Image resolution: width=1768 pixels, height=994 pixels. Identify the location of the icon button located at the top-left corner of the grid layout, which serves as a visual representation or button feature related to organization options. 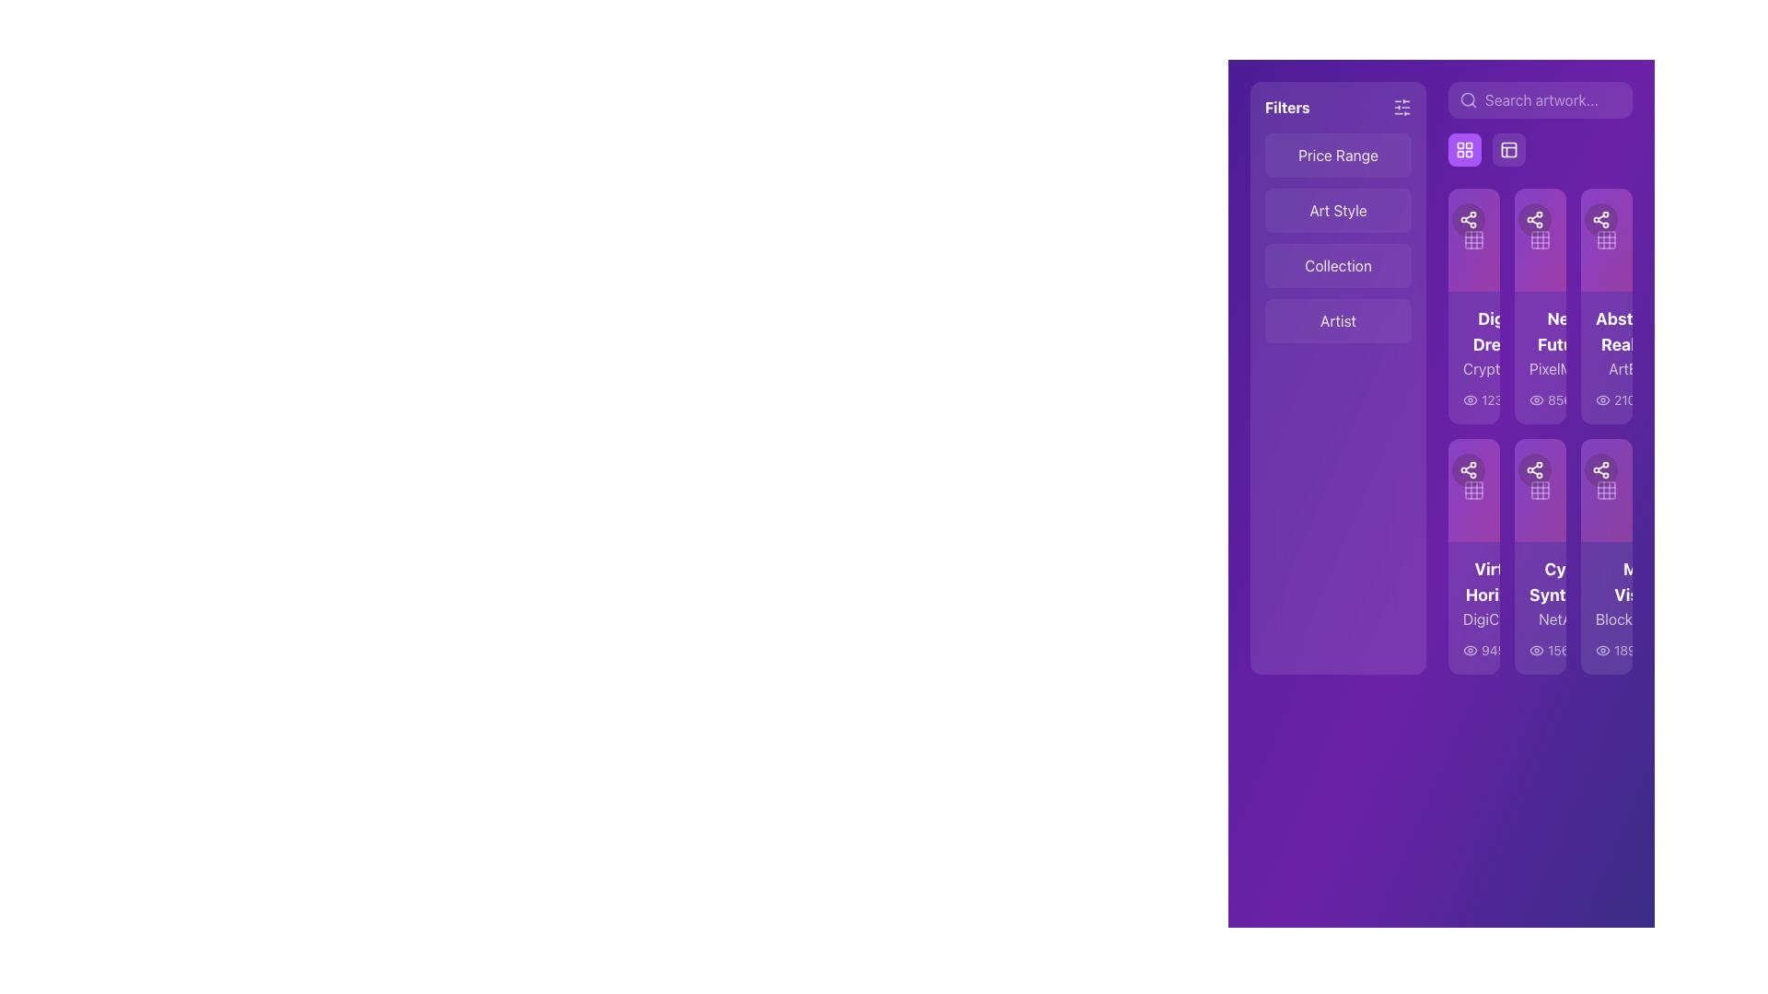
(1474, 239).